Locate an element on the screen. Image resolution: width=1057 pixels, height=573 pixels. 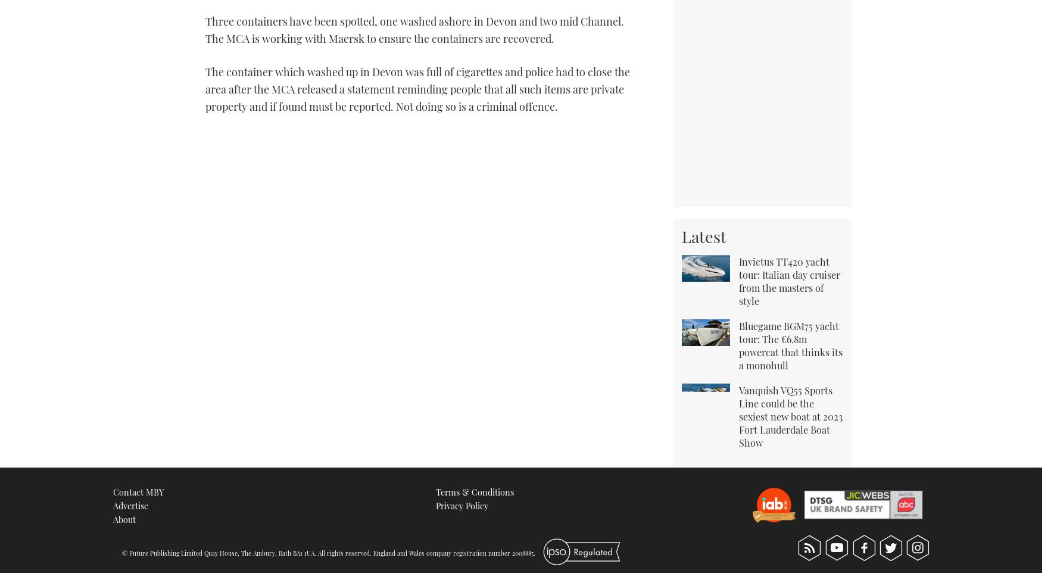
'Vanquish VQ55 Sports Line could be the sexiest new boat at 2023 Fort Lauderdale Boat Show' is located at coordinates (790, 415).